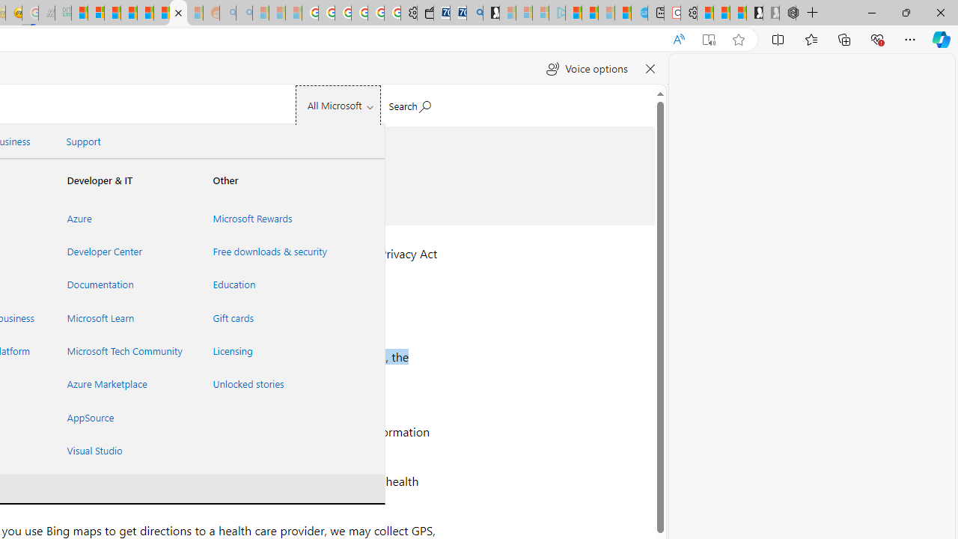 This screenshot has height=539, width=958. Describe the element at coordinates (754, 13) in the screenshot. I see `'Play Free Online Games | Games from Microsoft Start'` at that location.